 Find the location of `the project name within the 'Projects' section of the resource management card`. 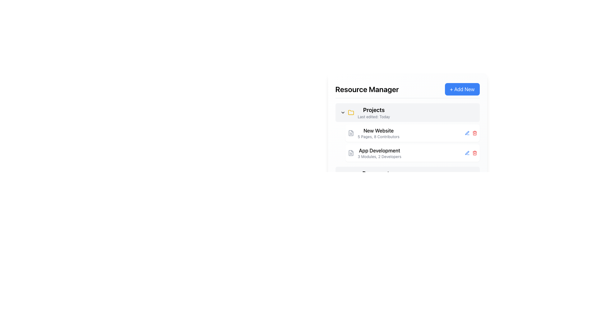

the project name within the 'Projects' section of the resource management card is located at coordinates (407, 144).